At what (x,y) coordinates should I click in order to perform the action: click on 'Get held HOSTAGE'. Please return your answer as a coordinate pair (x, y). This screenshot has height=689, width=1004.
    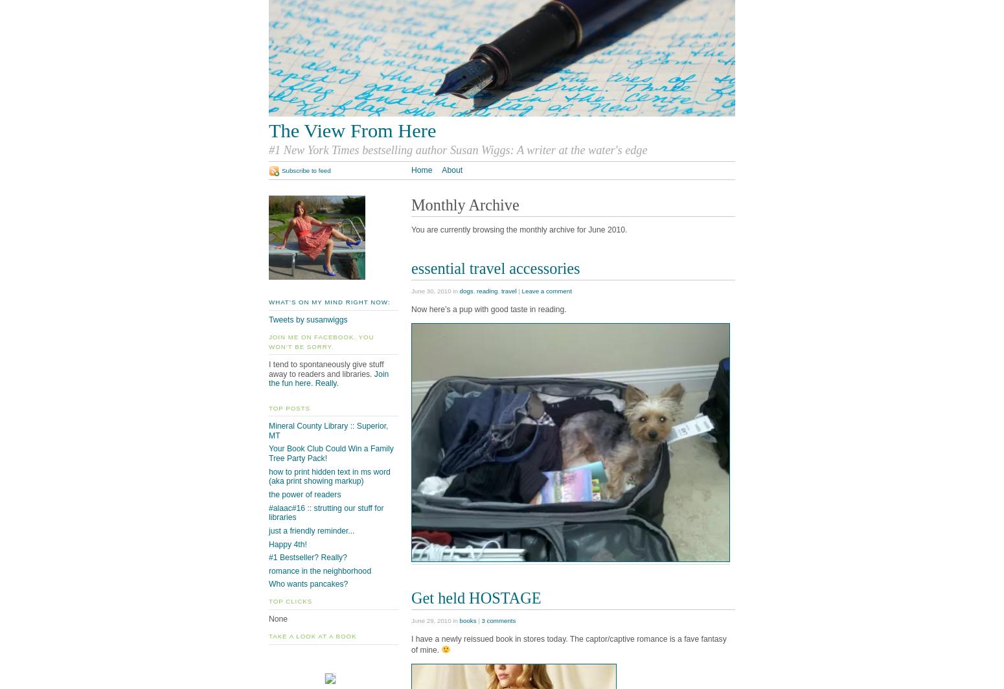
    Looking at the image, I should click on (476, 597).